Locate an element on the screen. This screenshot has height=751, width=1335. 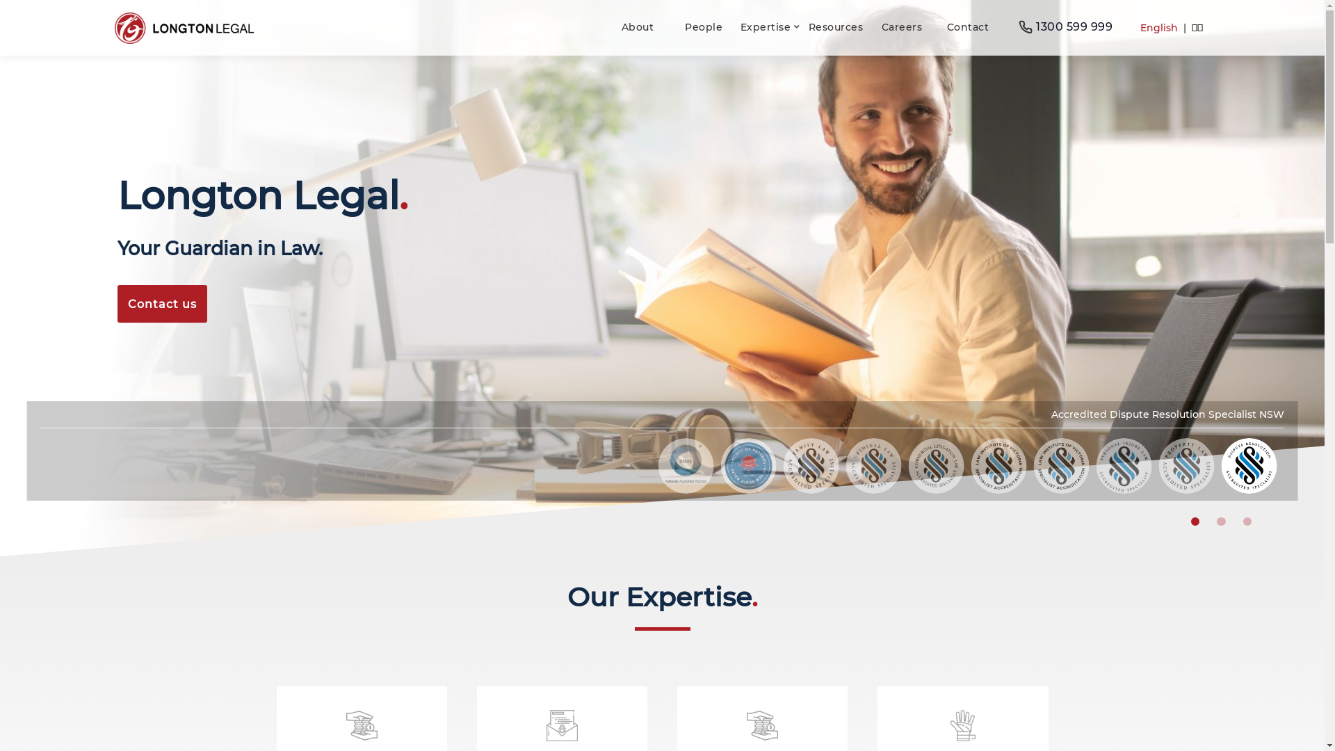
'Contact' is located at coordinates (967, 27).